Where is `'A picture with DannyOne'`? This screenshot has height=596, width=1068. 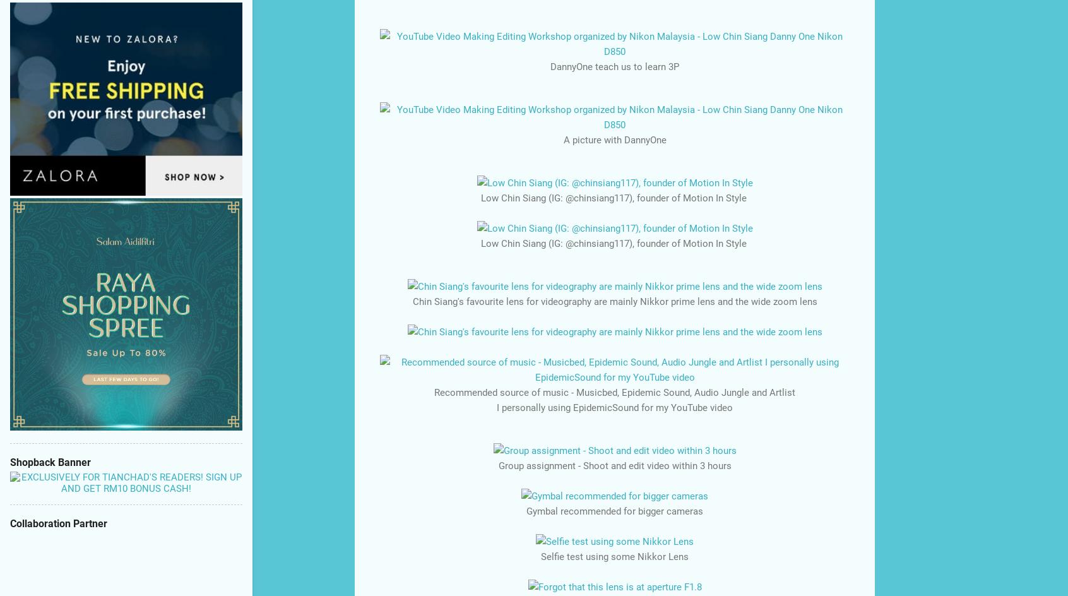 'A picture with DannyOne' is located at coordinates (614, 138).